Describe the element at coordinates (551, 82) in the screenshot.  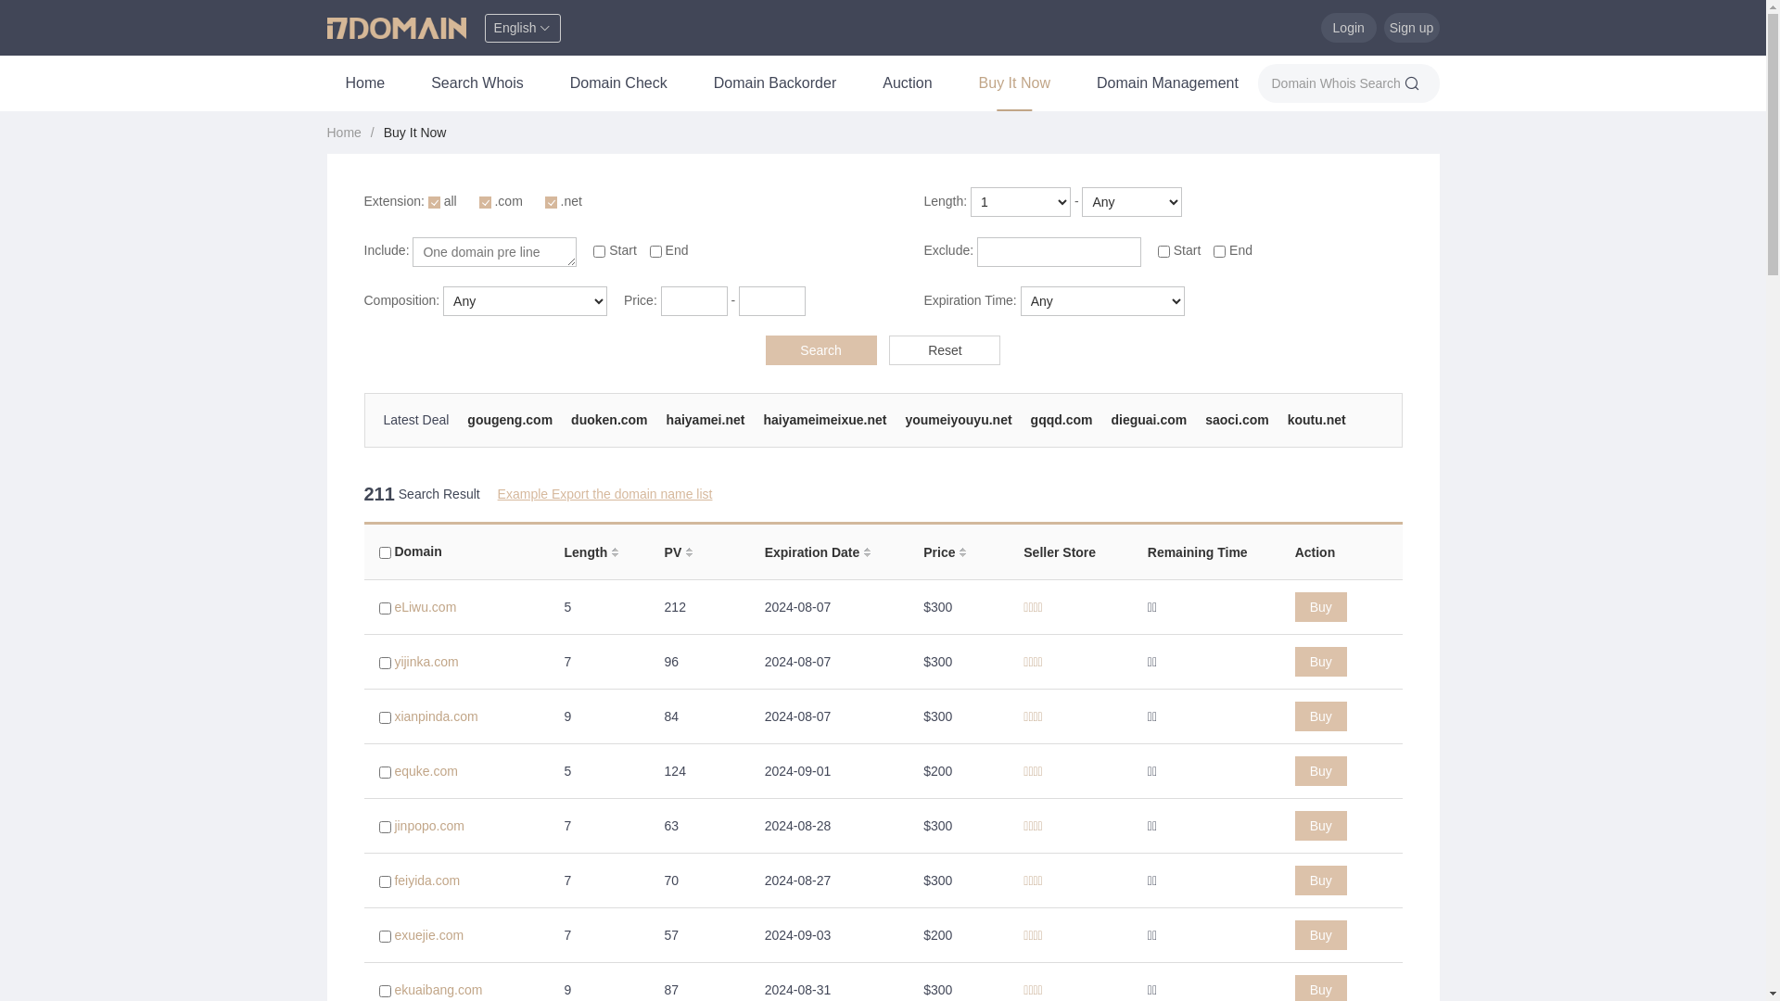
I see `'Domain Check'` at that location.